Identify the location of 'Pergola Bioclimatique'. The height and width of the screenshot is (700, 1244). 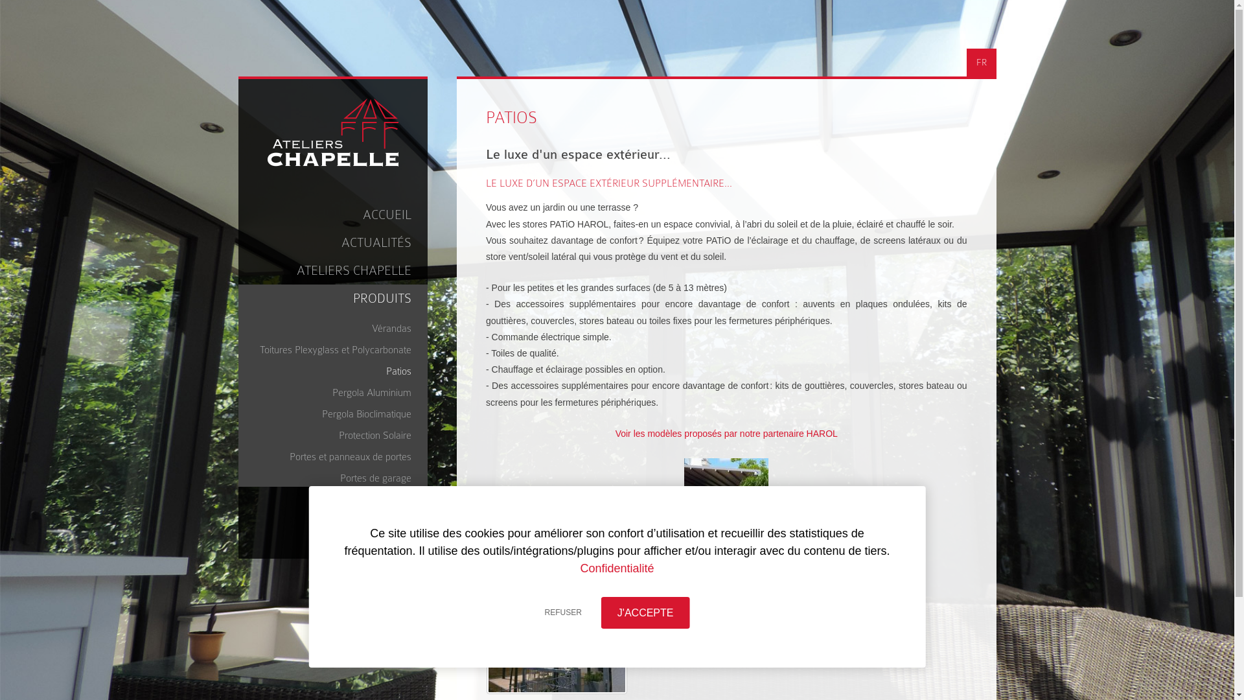
(336, 412).